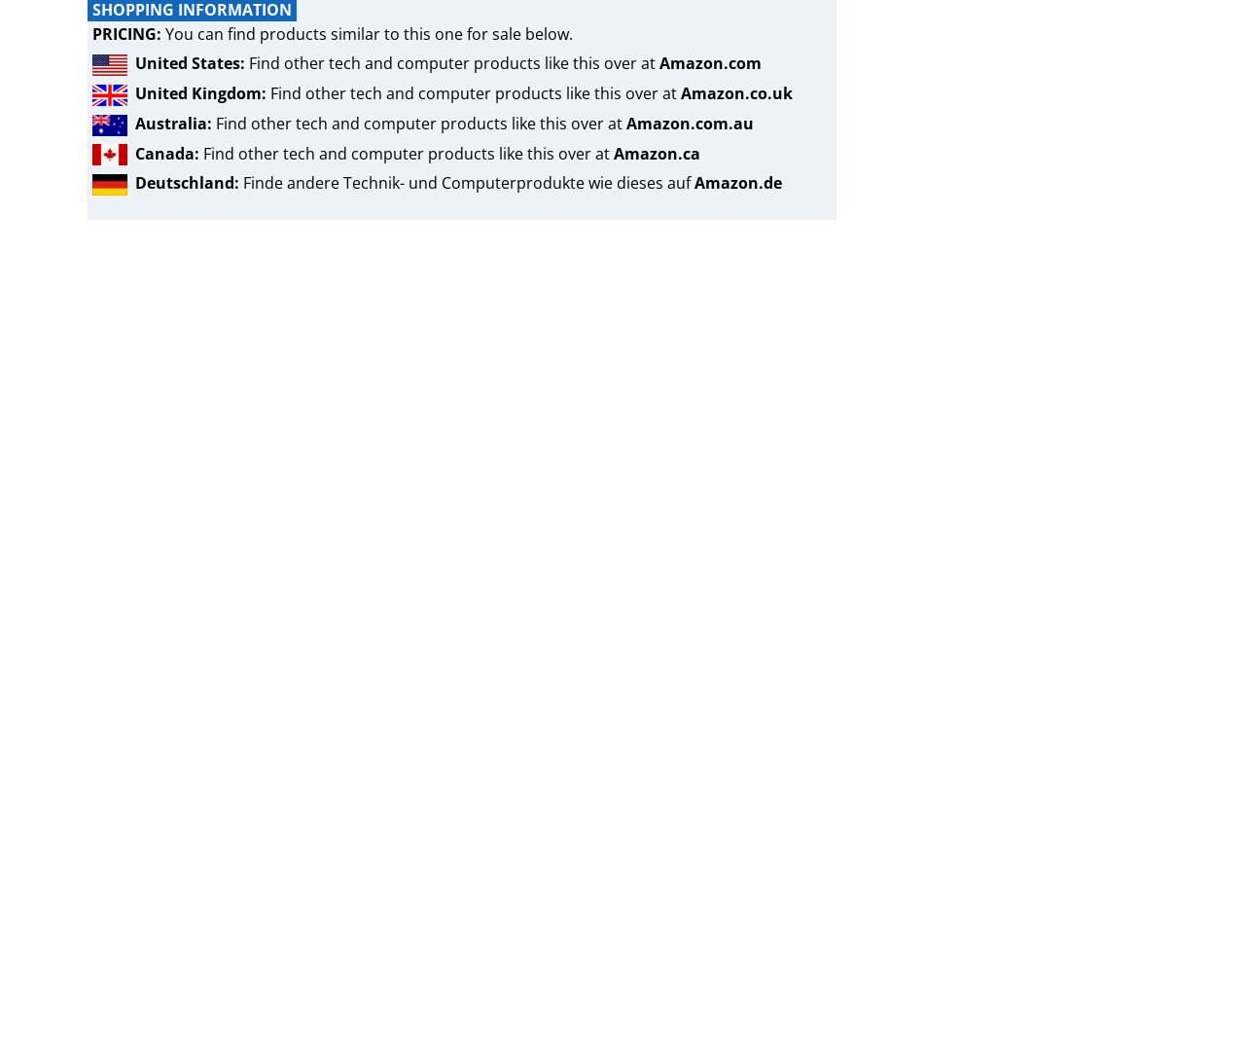 This screenshot has height=1040, width=1245. Describe the element at coordinates (173, 123) in the screenshot. I see `'Australia:'` at that location.